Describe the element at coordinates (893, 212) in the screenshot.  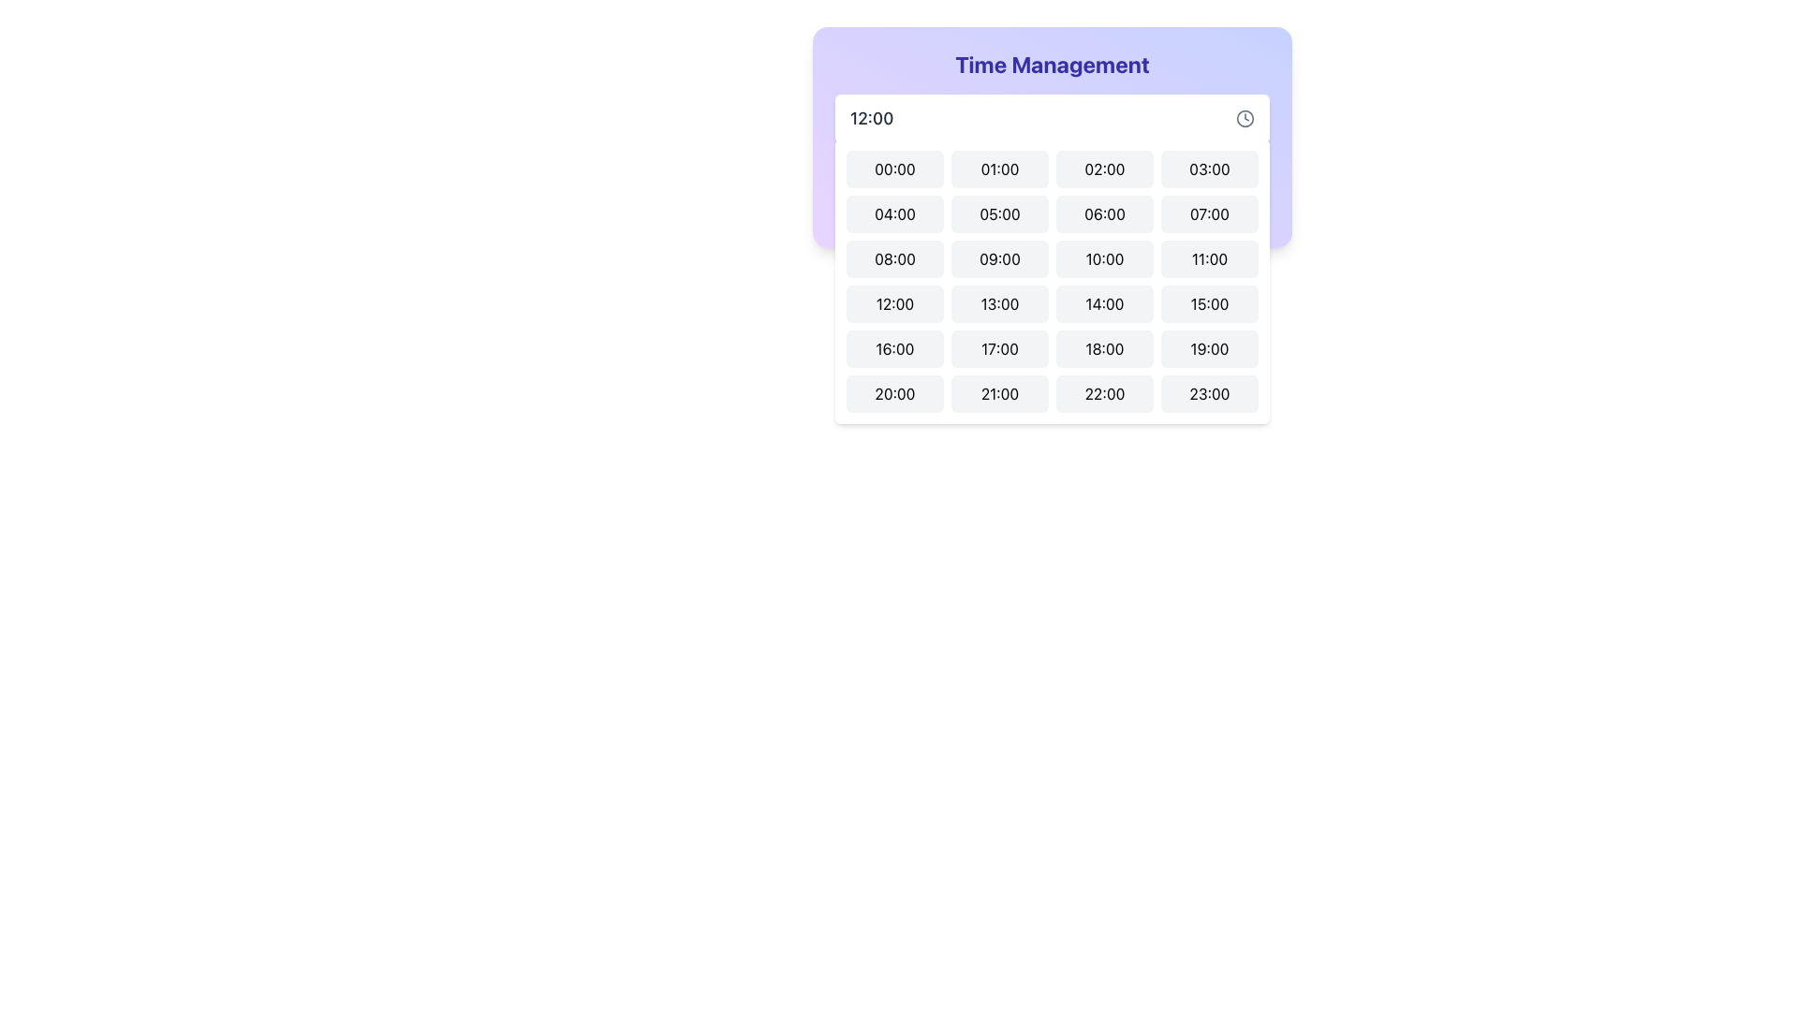
I see `the rectangular button with a light gray background and rounded corners that contains the text '04:00' in black, located in the second row and first column of the 'Time Management' modal` at that location.